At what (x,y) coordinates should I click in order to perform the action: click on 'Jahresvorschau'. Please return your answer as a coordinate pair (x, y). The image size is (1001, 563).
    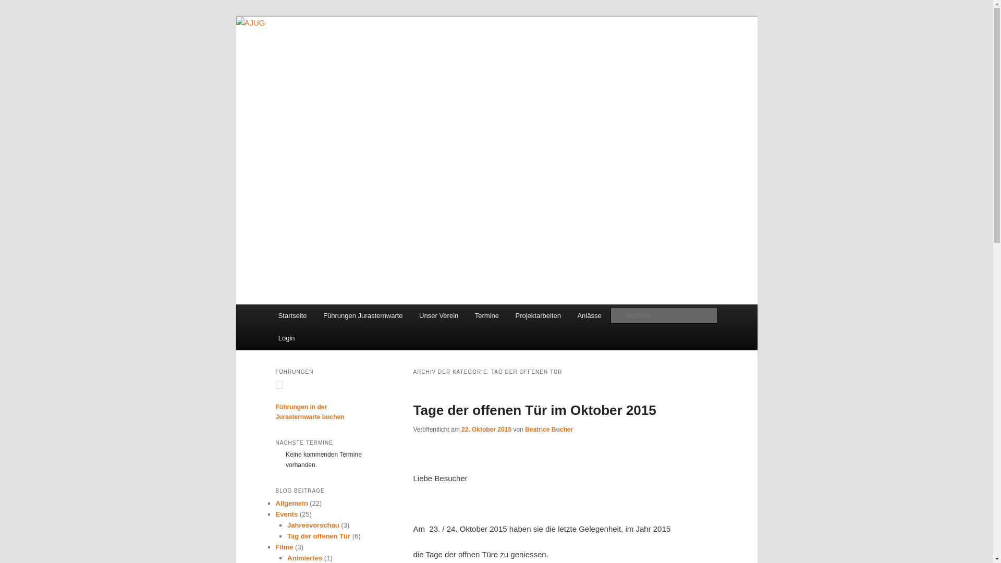
    Looking at the image, I should click on (312, 525).